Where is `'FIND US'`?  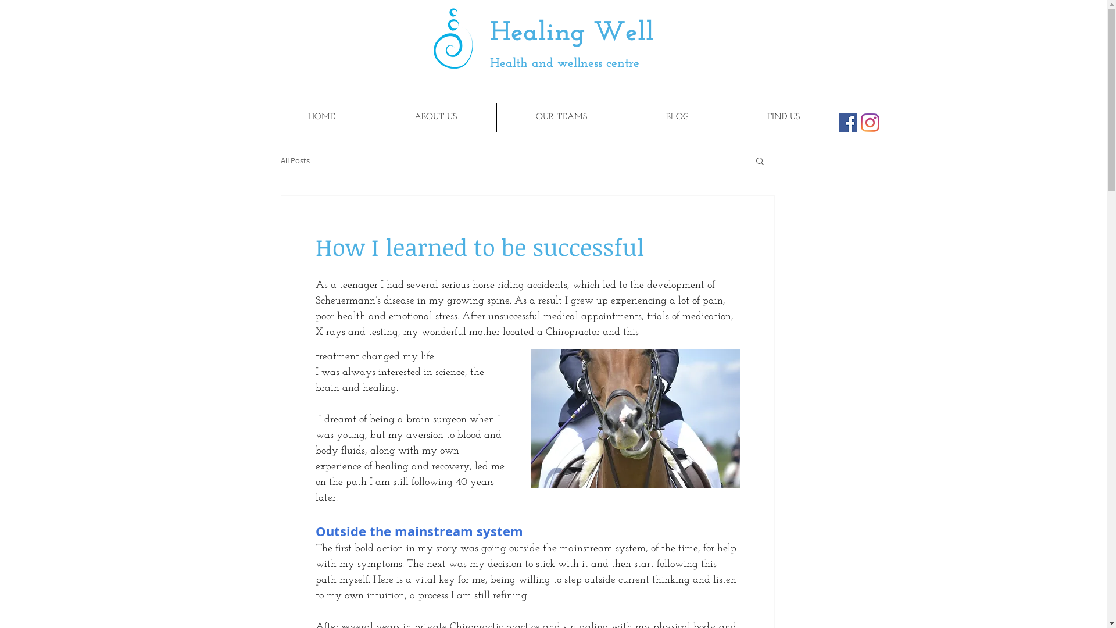
'FIND US' is located at coordinates (727, 117).